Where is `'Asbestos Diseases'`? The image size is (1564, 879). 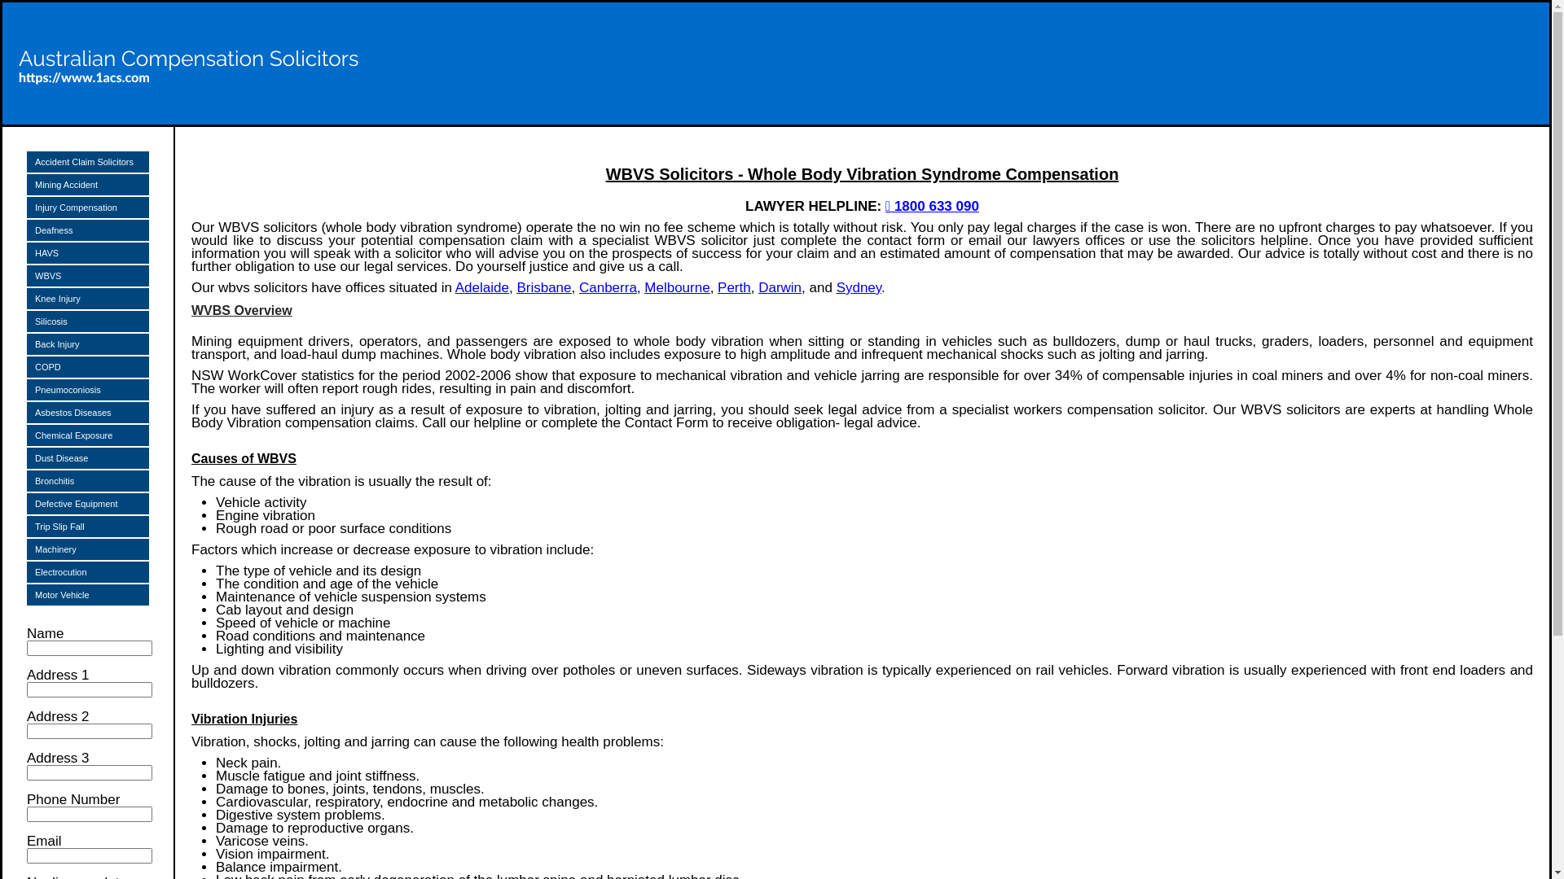
'Asbestos Diseases' is located at coordinates (86, 411).